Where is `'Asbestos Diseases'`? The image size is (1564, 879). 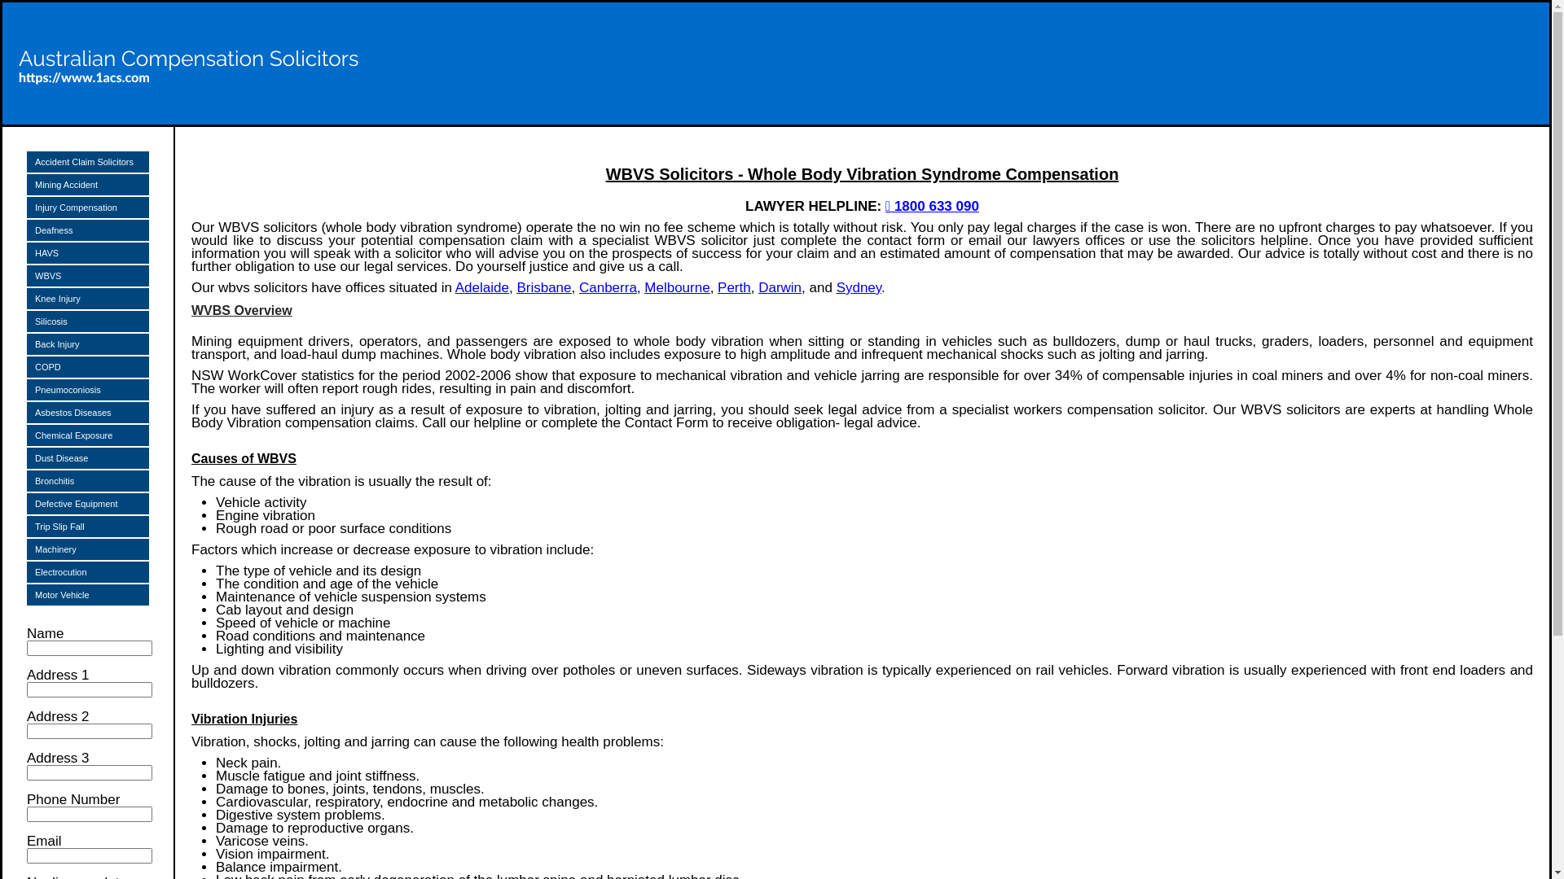
'Asbestos Diseases' is located at coordinates (86, 411).